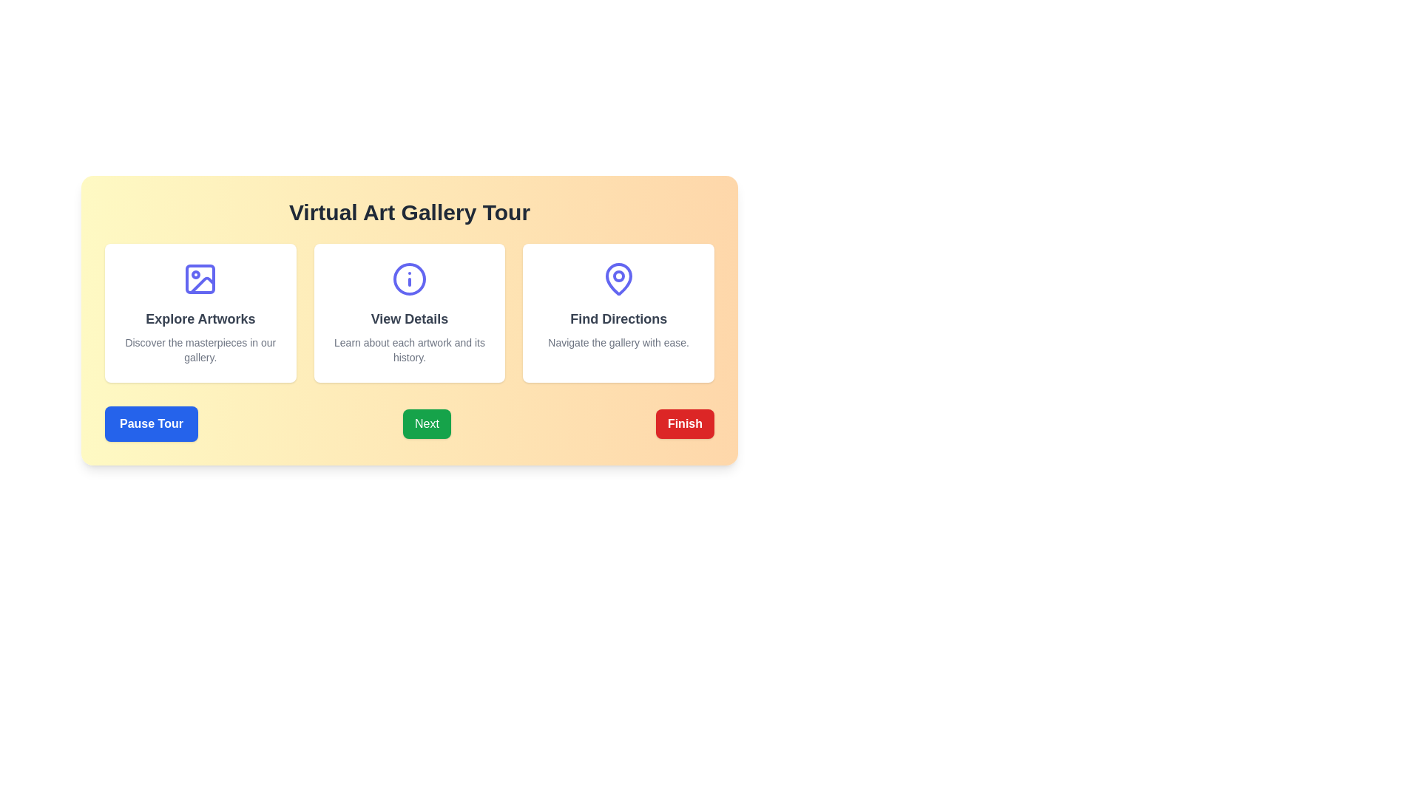  What do you see at coordinates (200, 318) in the screenshot?
I see `title text element located at the center of the leftmost card, which serves as a heading for the card's content` at bounding box center [200, 318].